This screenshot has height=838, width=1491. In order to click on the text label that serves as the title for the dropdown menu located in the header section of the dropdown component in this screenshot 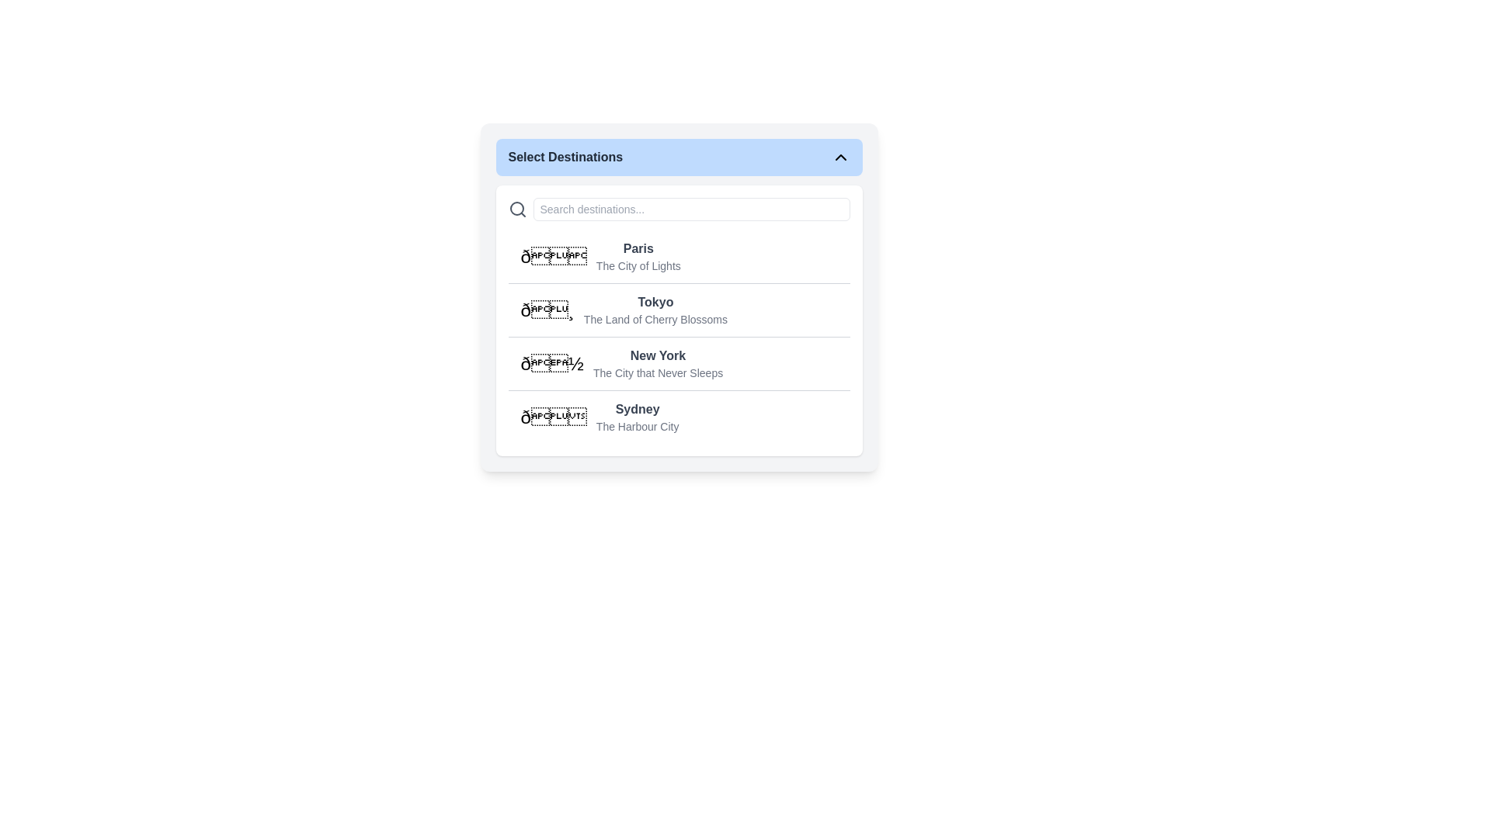, I will do `click(565, 158)`.